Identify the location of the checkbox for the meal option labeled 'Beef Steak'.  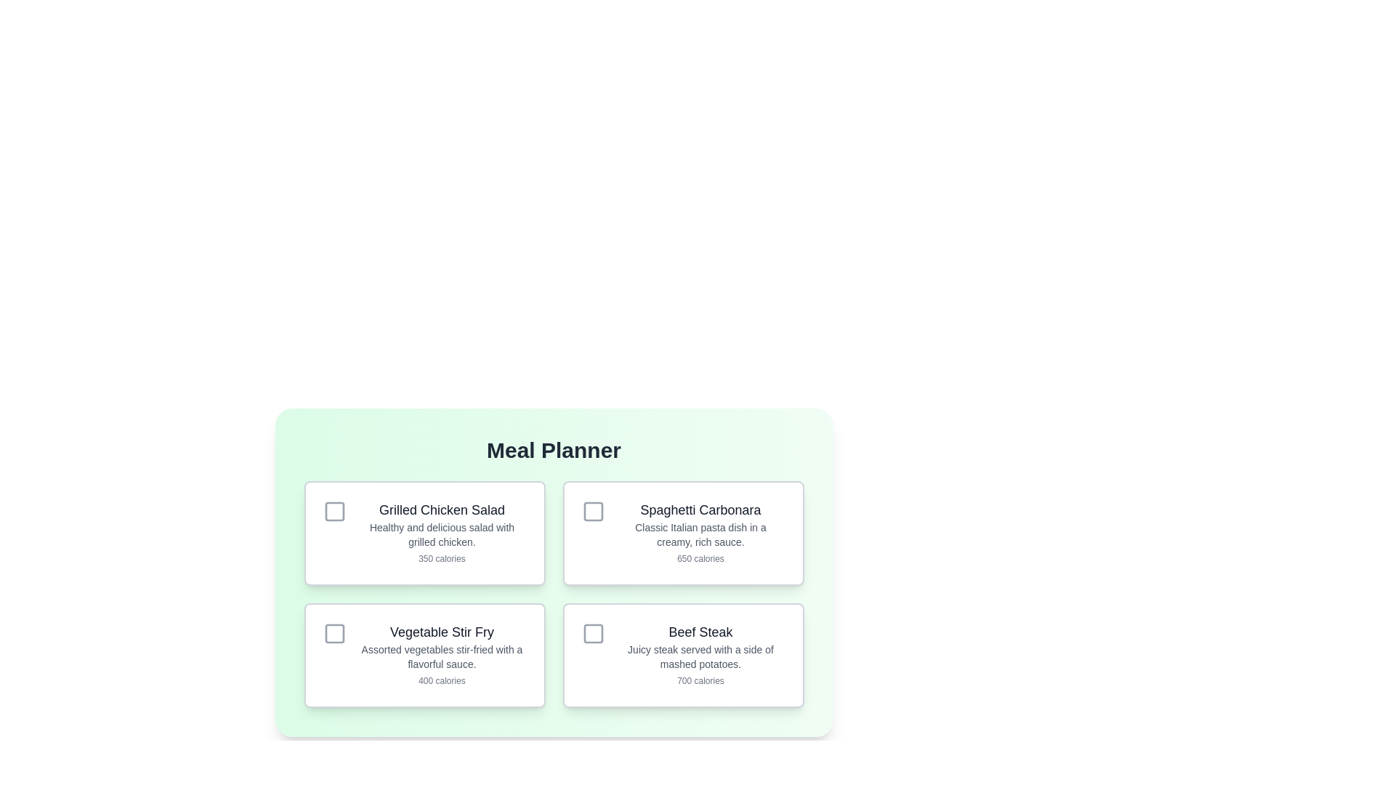
(593, 632).